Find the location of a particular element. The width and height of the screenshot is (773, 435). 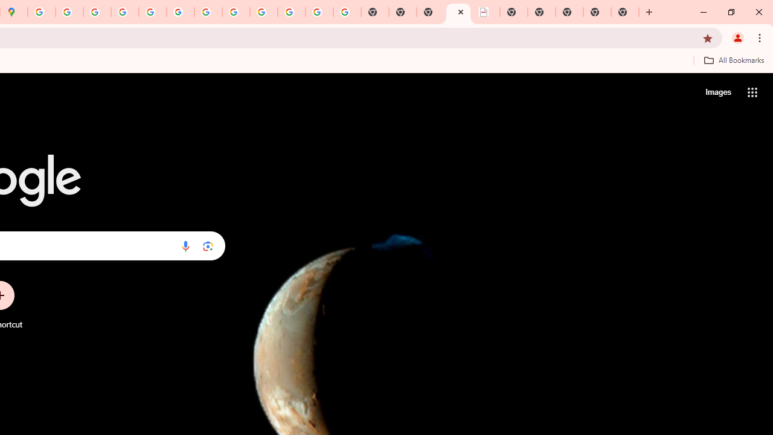

'LAAD Defence & Security 2025 | BAE Systems' is located at coordinates (486, 12).